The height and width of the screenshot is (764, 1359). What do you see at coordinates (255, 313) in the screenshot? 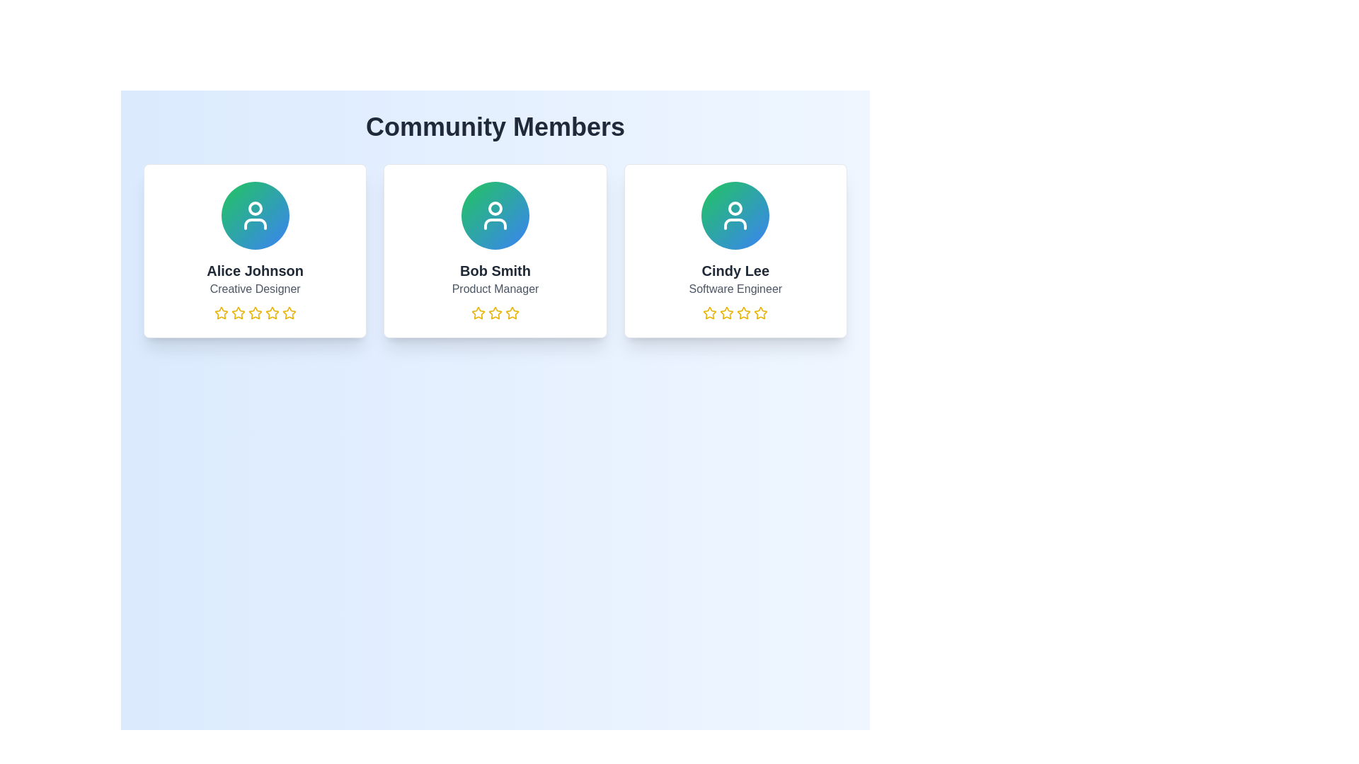
I see `rating value of the star icons located beneath the 'Creative Designer' text in the card labeled 'Alice Johnson'` at bounding box center [255, 313].